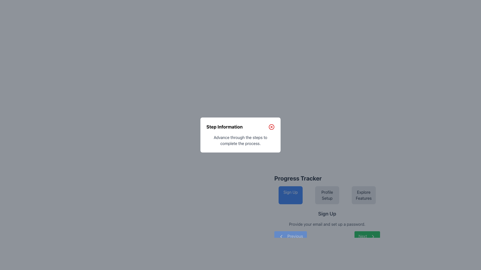 This screenshot has width=481, height=270. Describe the element at coordinates (367, 236) in the screenshot. I see `the navigation button located at the bottom-right corner, next to the blue 'Previous' button, to proceed to the next step in the process` at that location.